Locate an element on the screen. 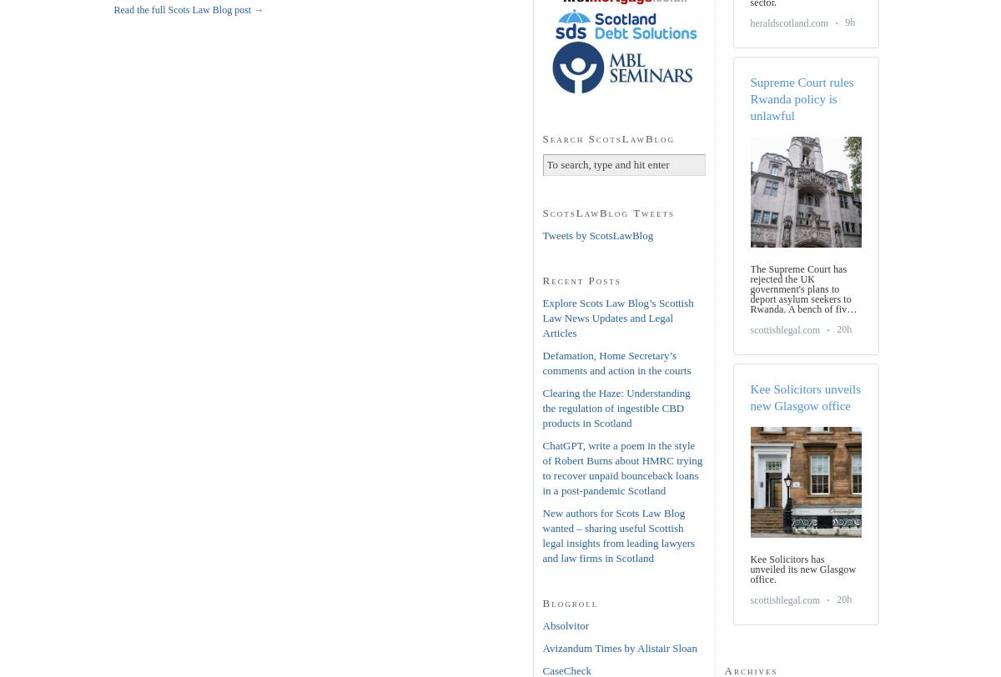 The width and height of the screenshot is (1001, 677). 'Clearing the Haze: Understanding the regulation of ingestible CBD products in Scotland' is located at coordinates (542, 407).